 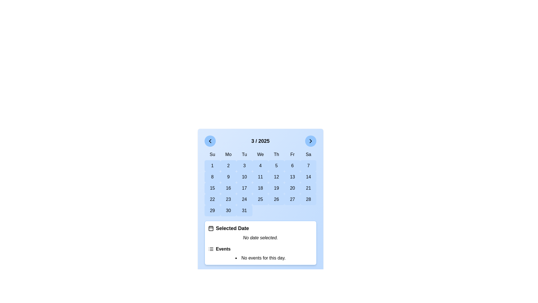 I want to click on the rounded rectangular button with a blue background containing the number '12', located in the fifth column of the second row under 'Thursday', to change its appearance, so click(x=276, y=177).